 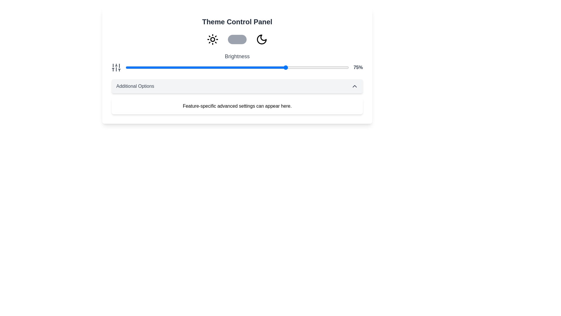 I want to click on the toggle switch located in the top section of the interface, which has a light gray background and a yellow circular knob, to change its state, so click(x=237, y=39).